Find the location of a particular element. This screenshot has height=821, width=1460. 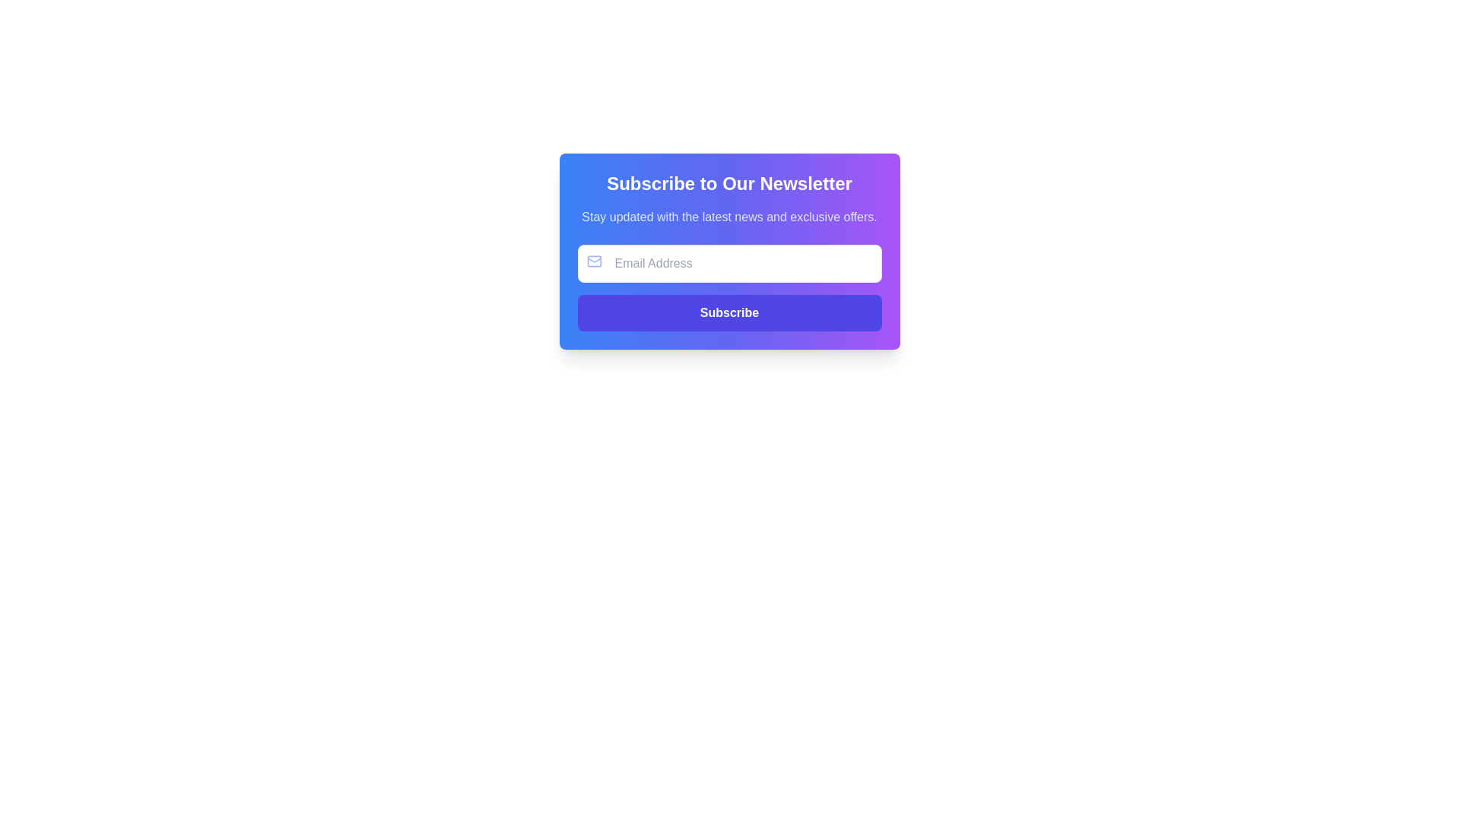

the static text element providing additional context for subscribing, located below the headline 'Subscribe to Our Newsletter' and above the email input field is located at coordinates (728, 217).